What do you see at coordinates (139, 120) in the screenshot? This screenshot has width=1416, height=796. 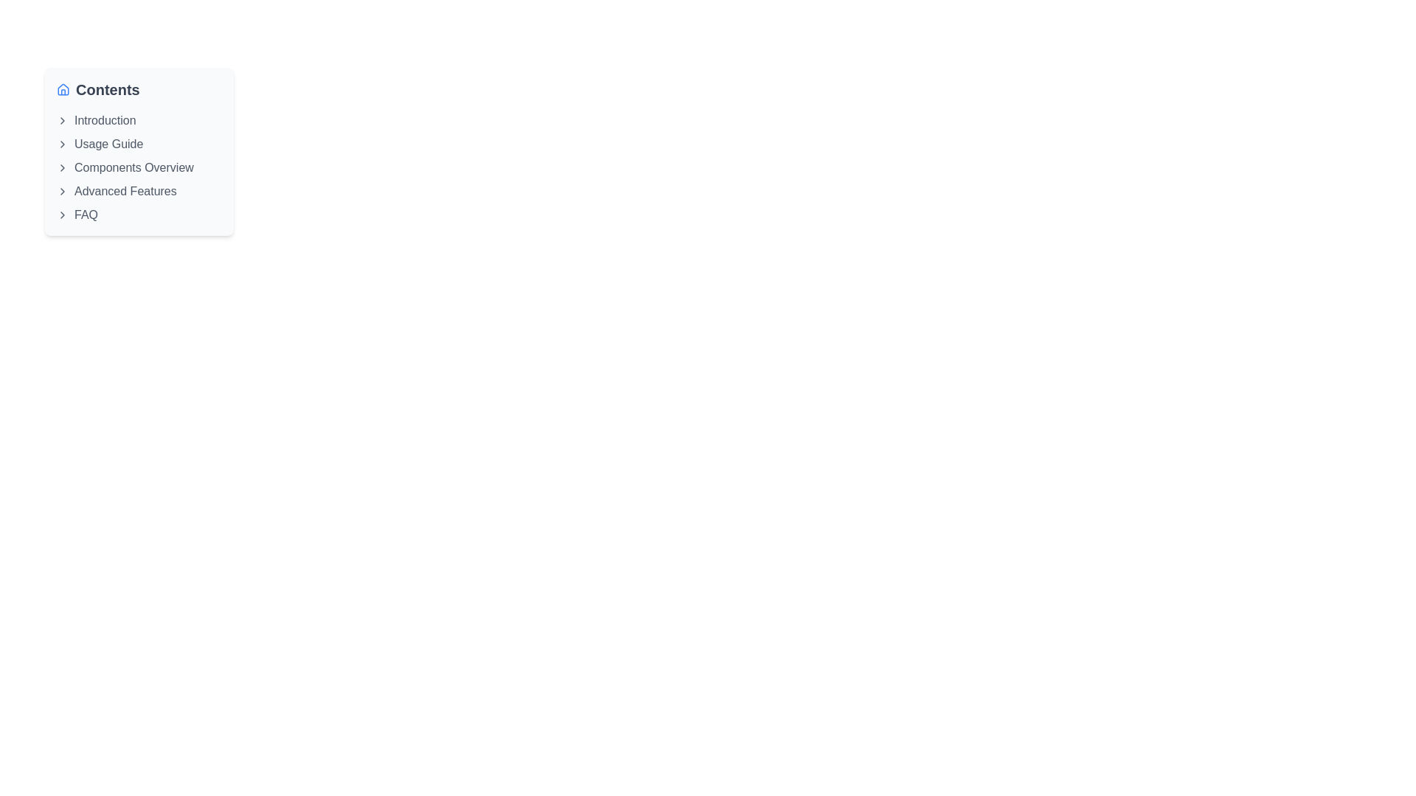 I see `the navigational link for the 'Introduction' section located at the top of the sidebar menu titled 'Contents.'` at bounding box center [139, 120].